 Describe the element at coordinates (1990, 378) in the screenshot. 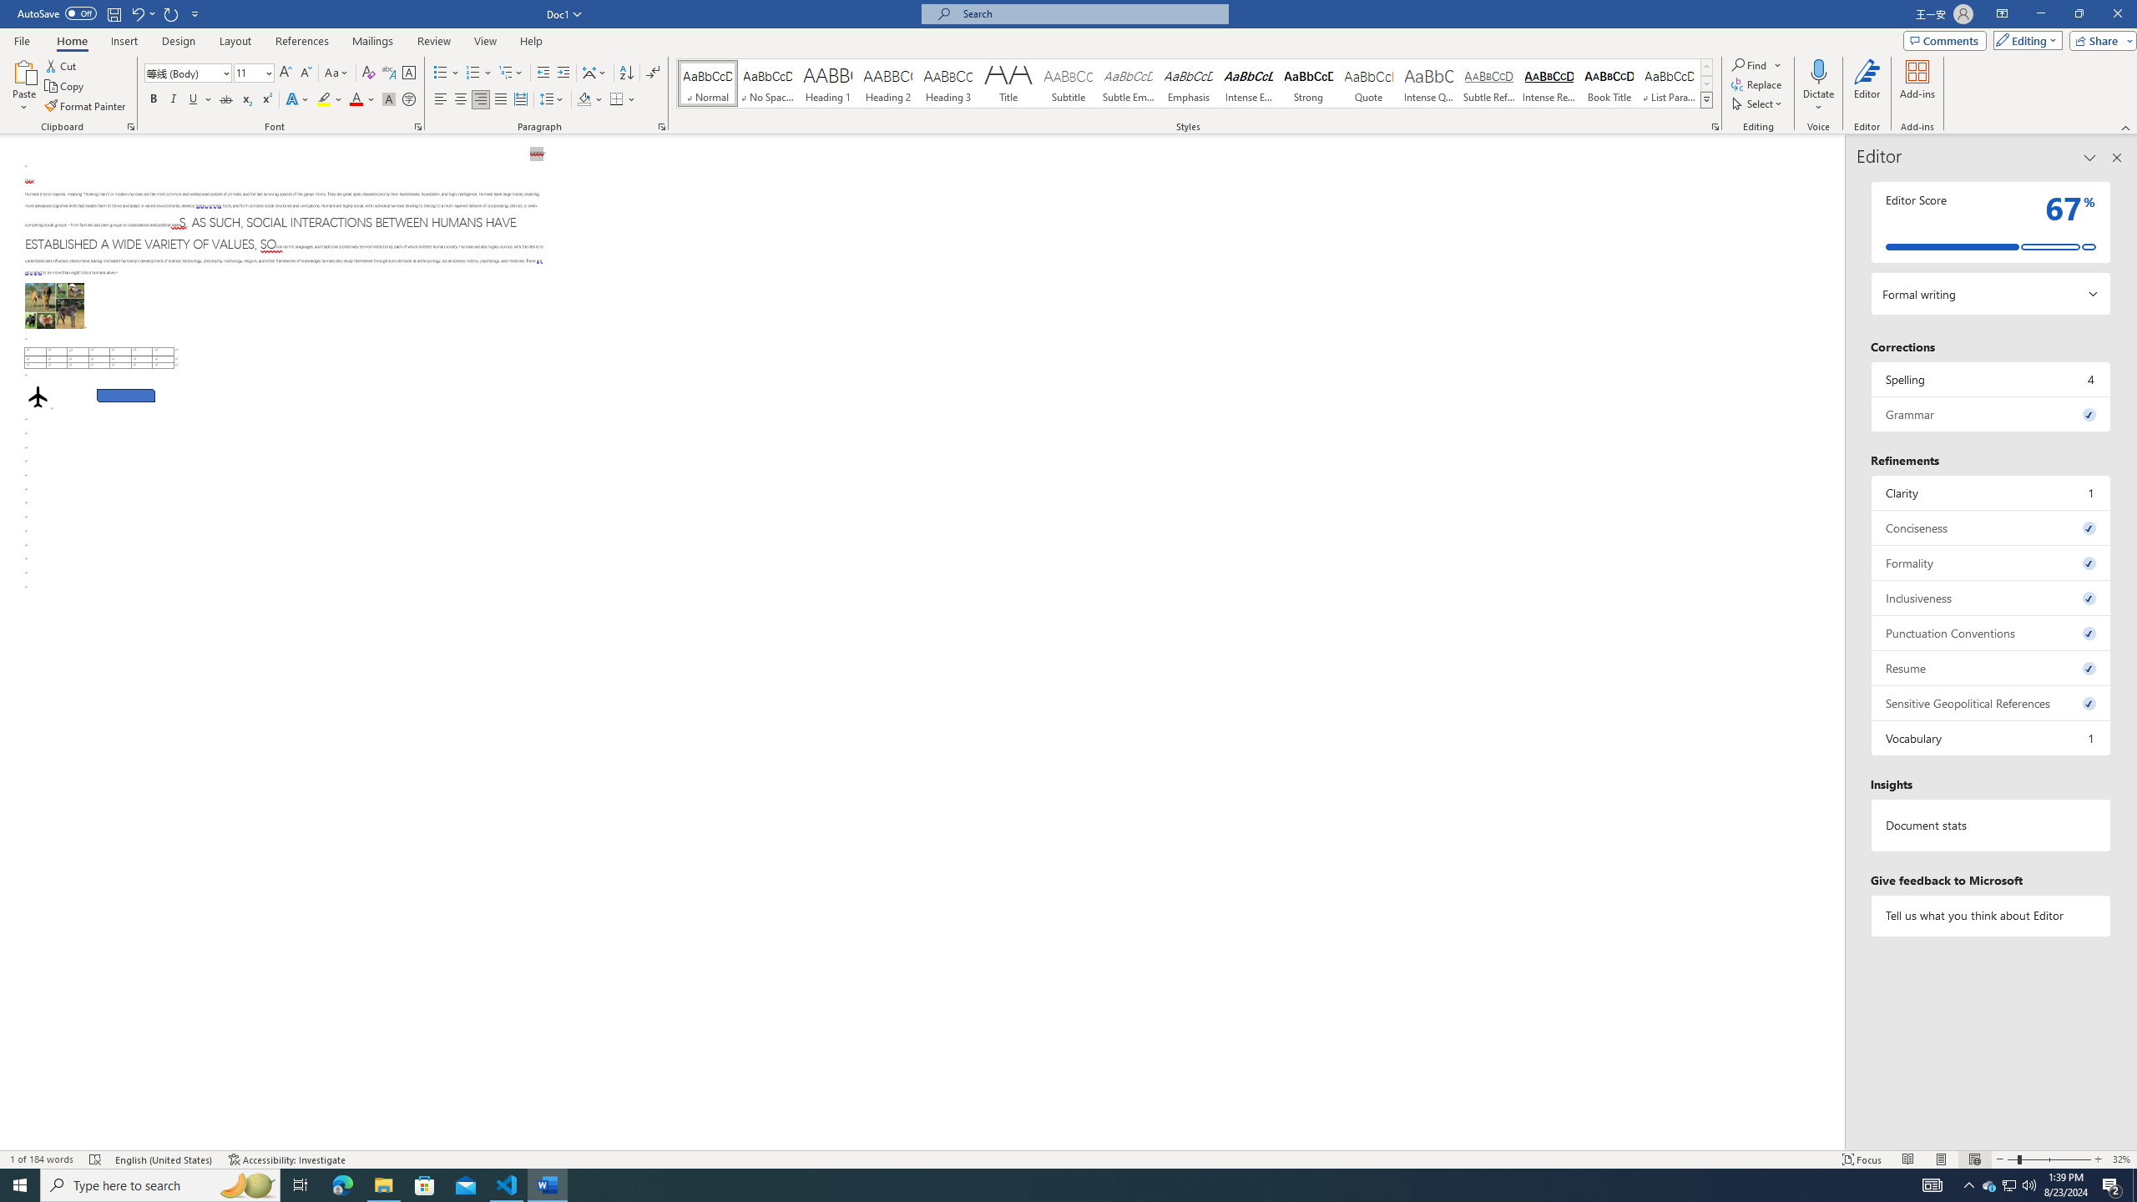

I see `'Spelling, 4 issues. Press space or enter to review items.'` at that location.